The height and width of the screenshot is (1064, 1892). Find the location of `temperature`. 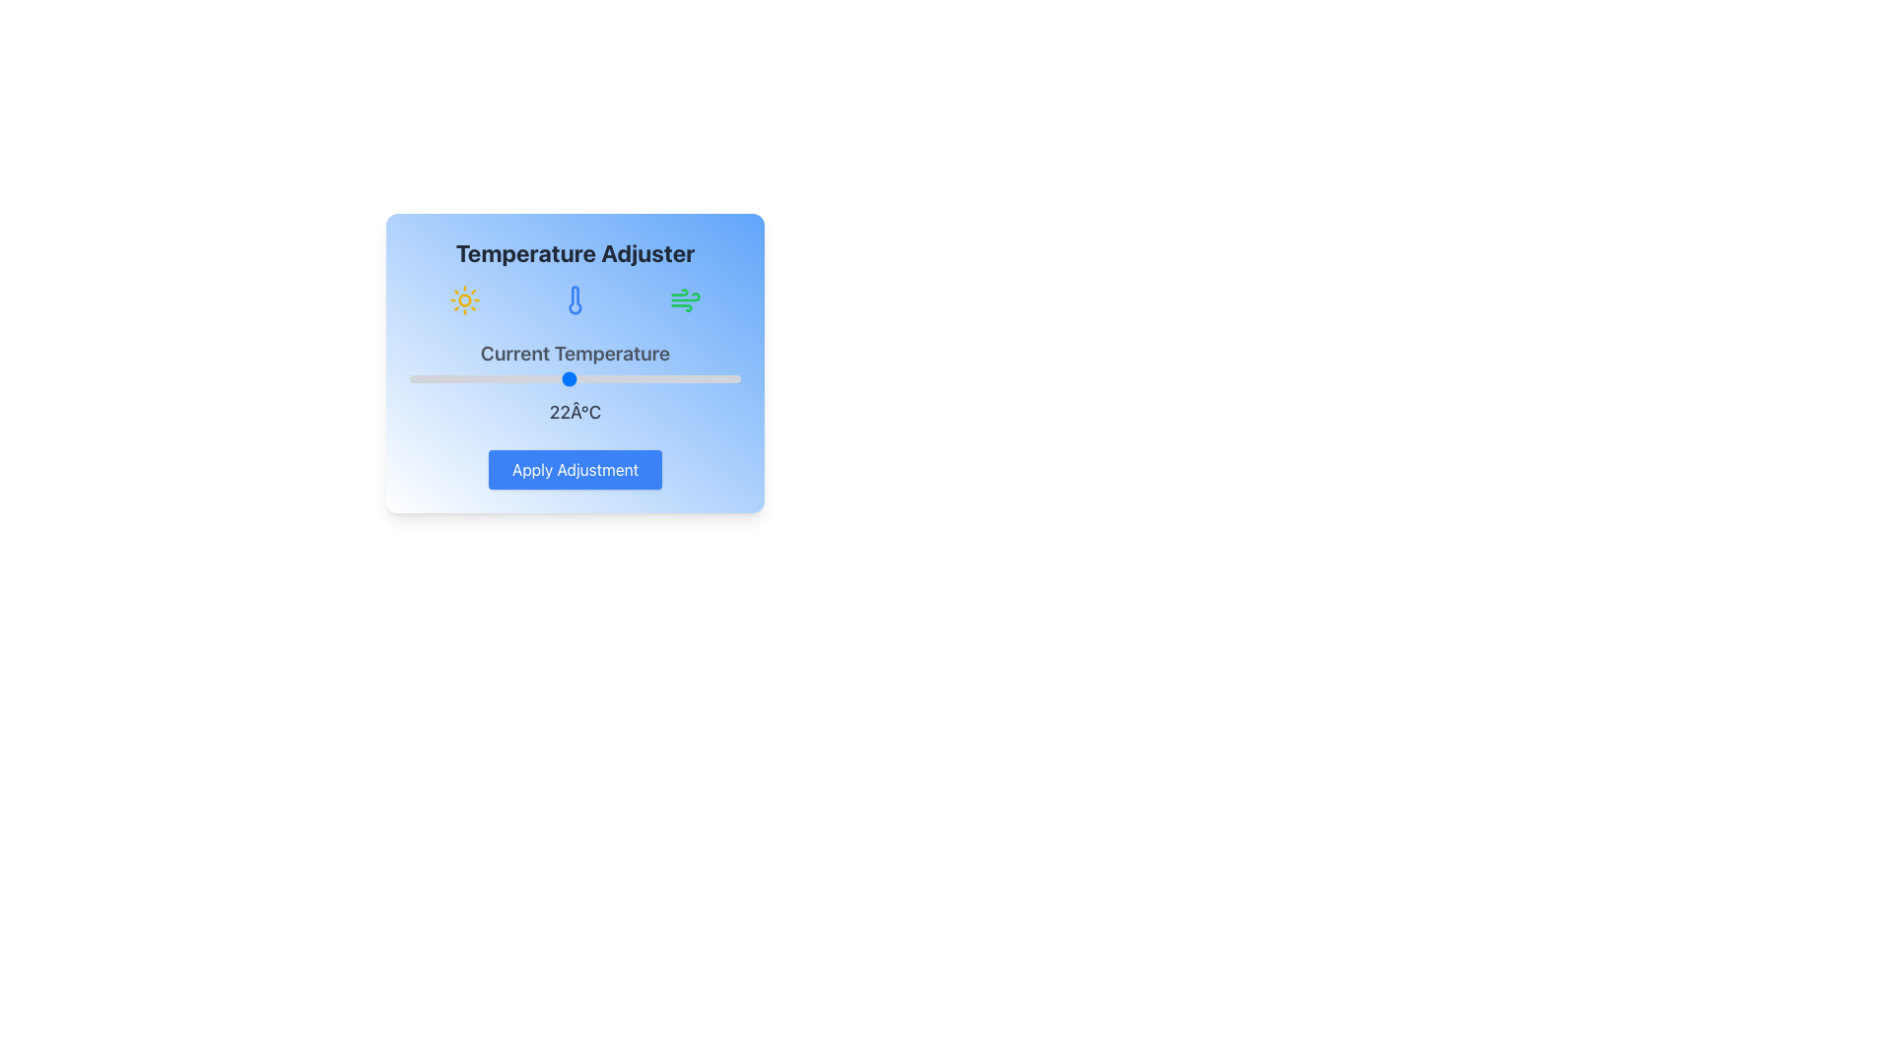

temperature is located at coordinates (554, 379).